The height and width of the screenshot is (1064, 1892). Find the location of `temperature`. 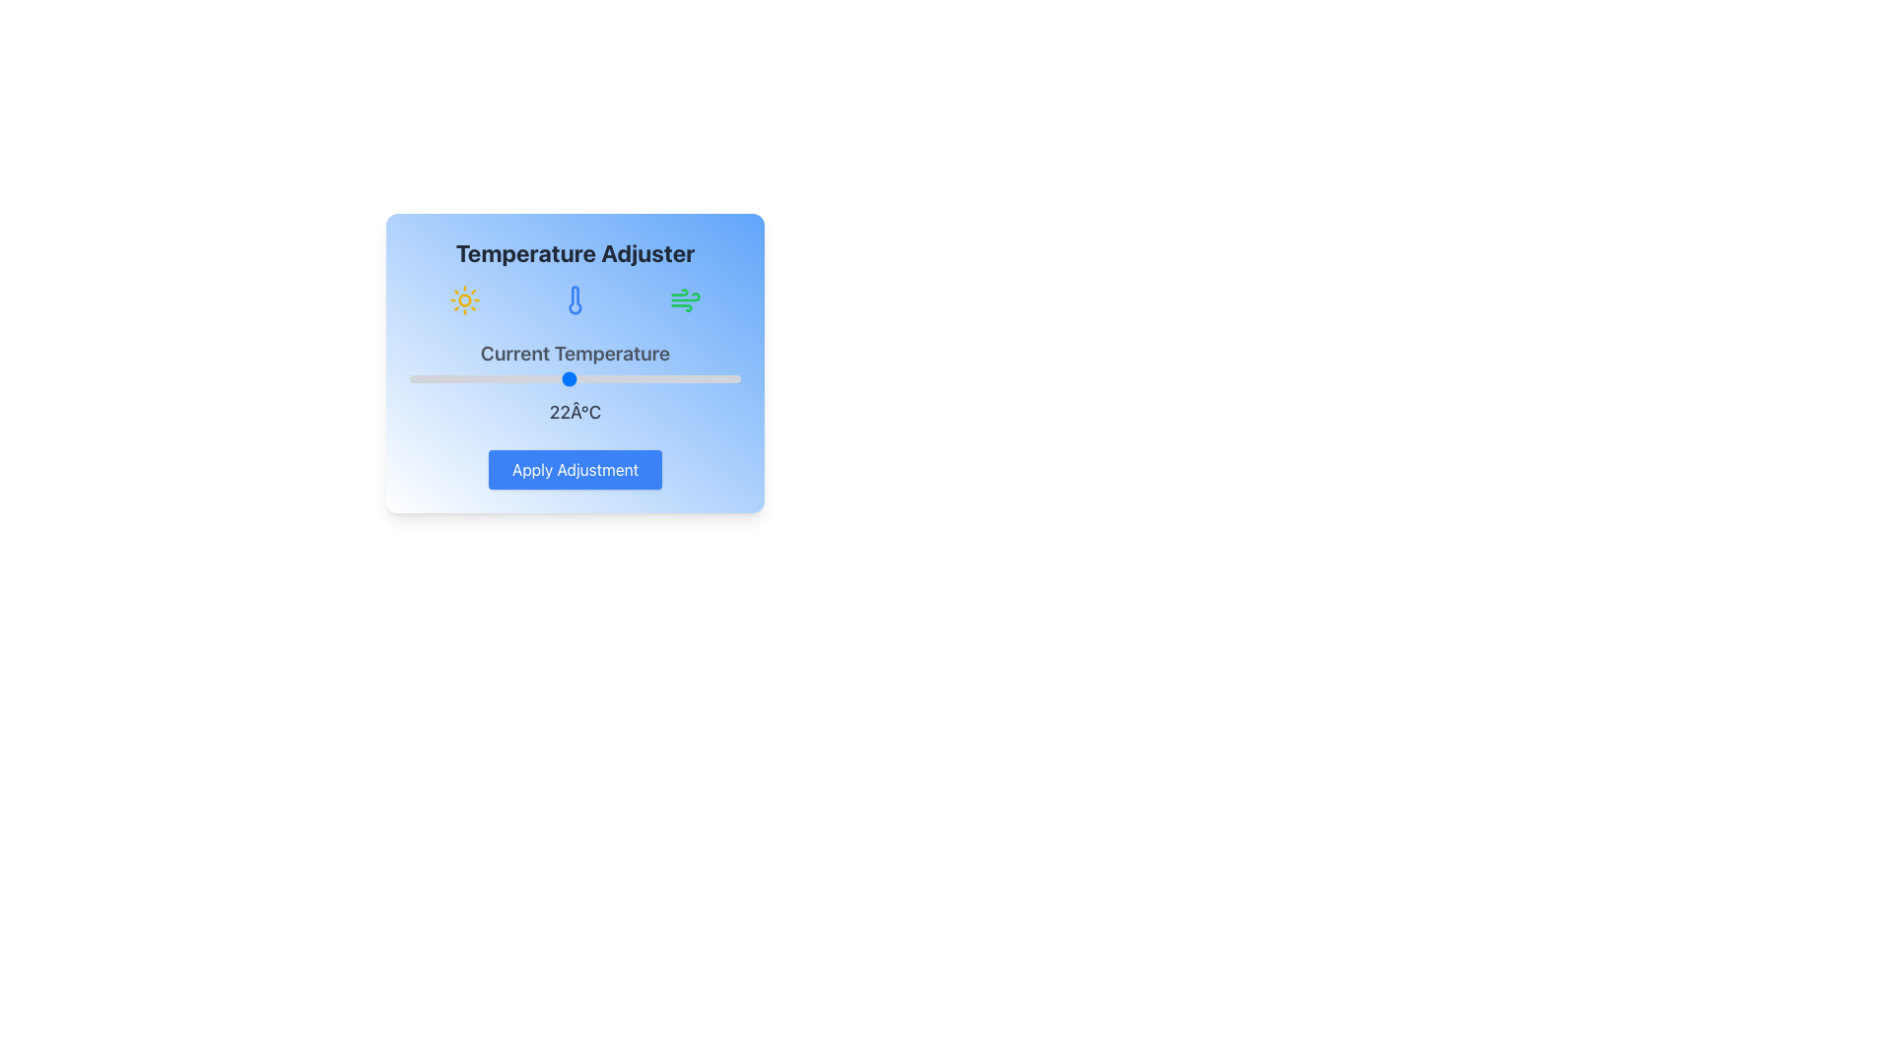

temperature is located at coordinates (554, 379).